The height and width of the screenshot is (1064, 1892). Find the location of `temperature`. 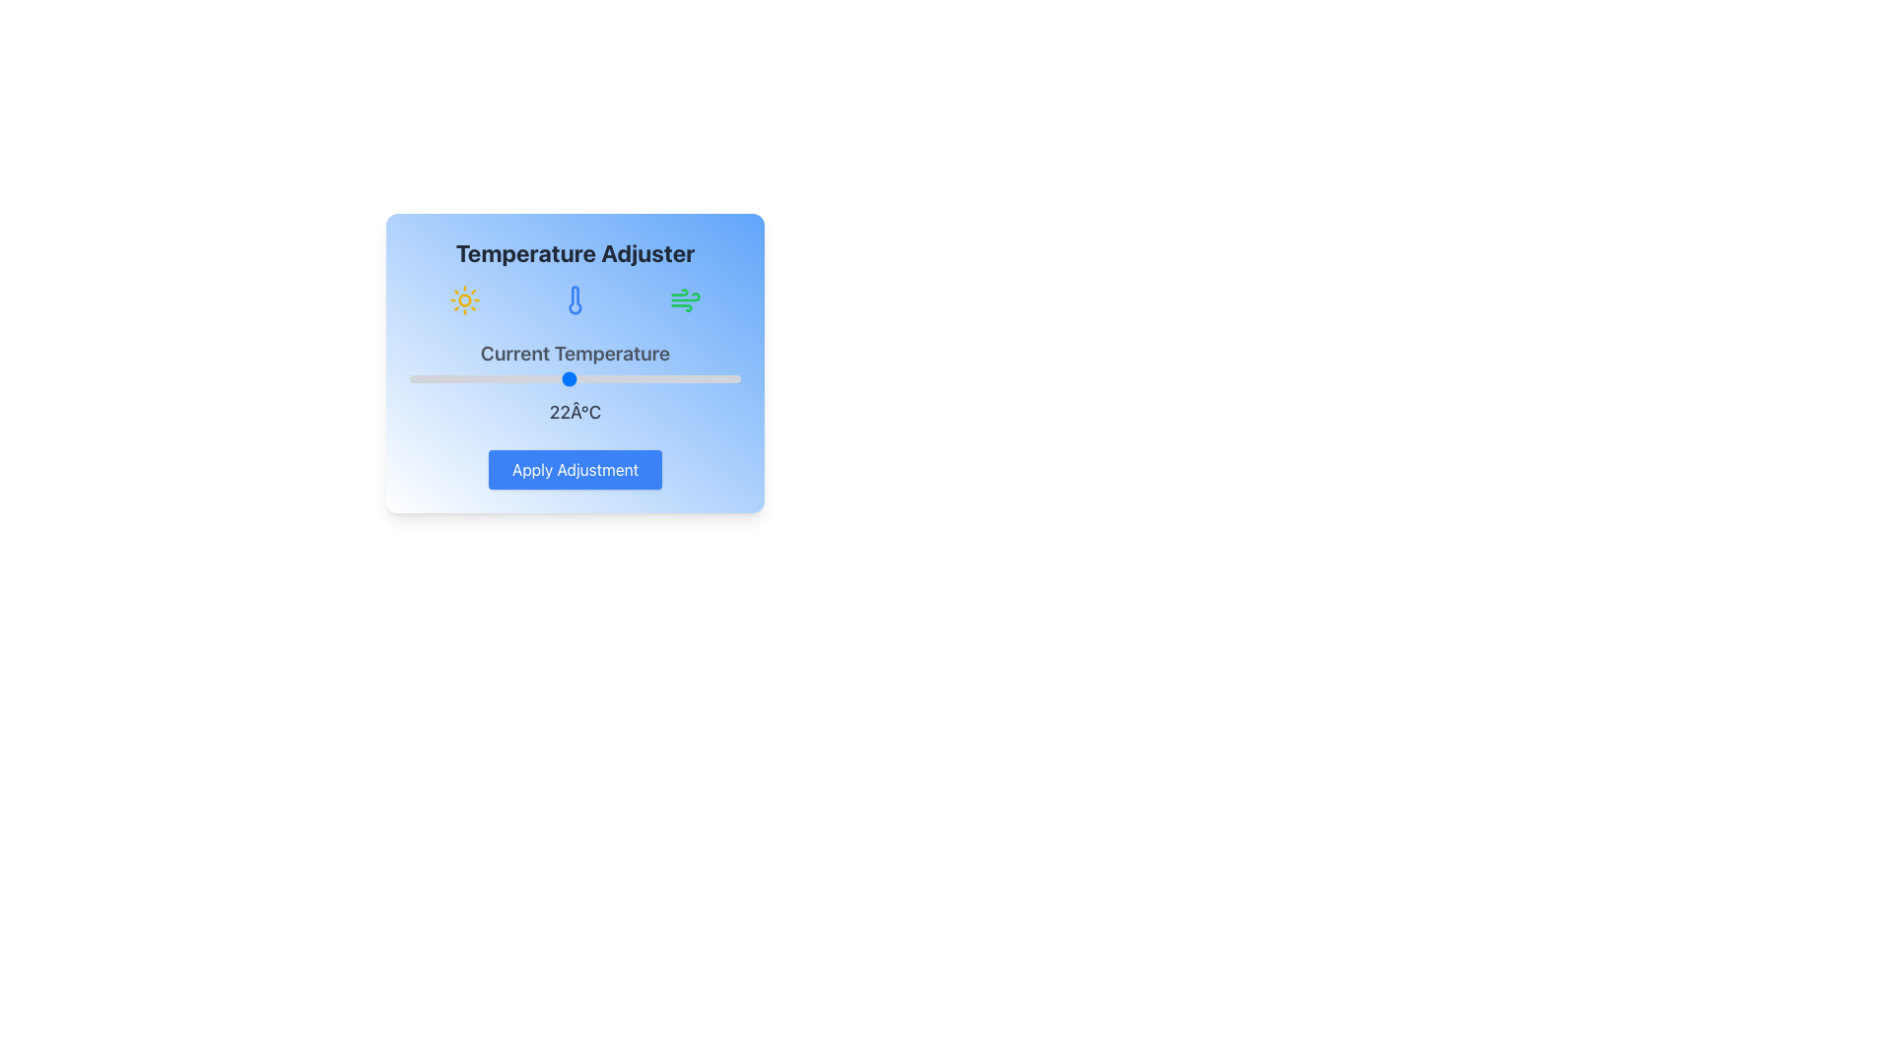

temperature is located at coordinates (554, 379).